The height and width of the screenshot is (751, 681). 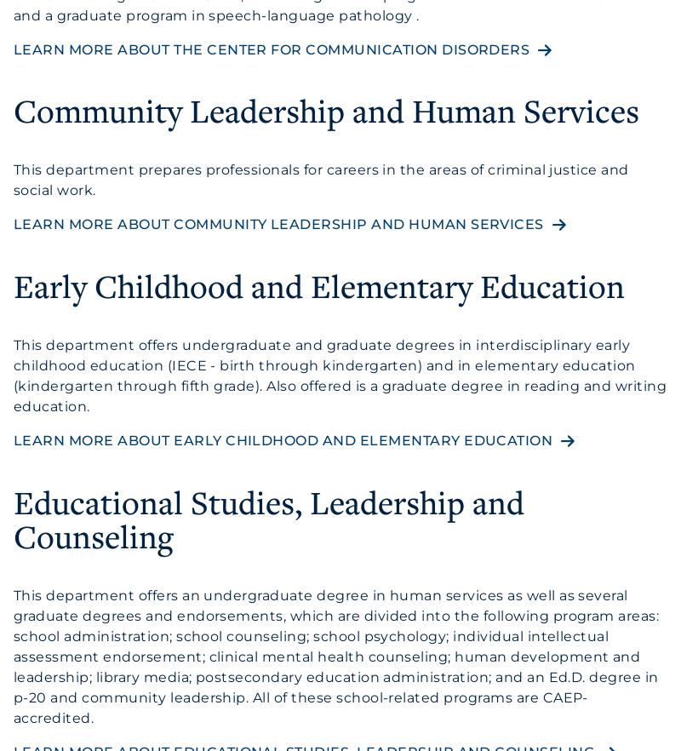 What do you see at coordinates (282, 440) in the screenshot?
I see `'Learn more about Early Childhood and Elementary Education'` at bounding box center [282, 440].